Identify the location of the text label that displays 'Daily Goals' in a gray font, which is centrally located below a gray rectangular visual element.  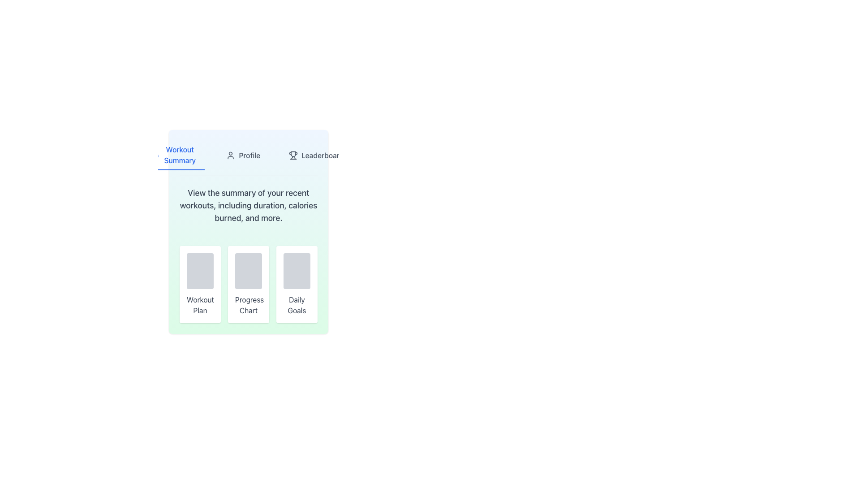
(297, 305).